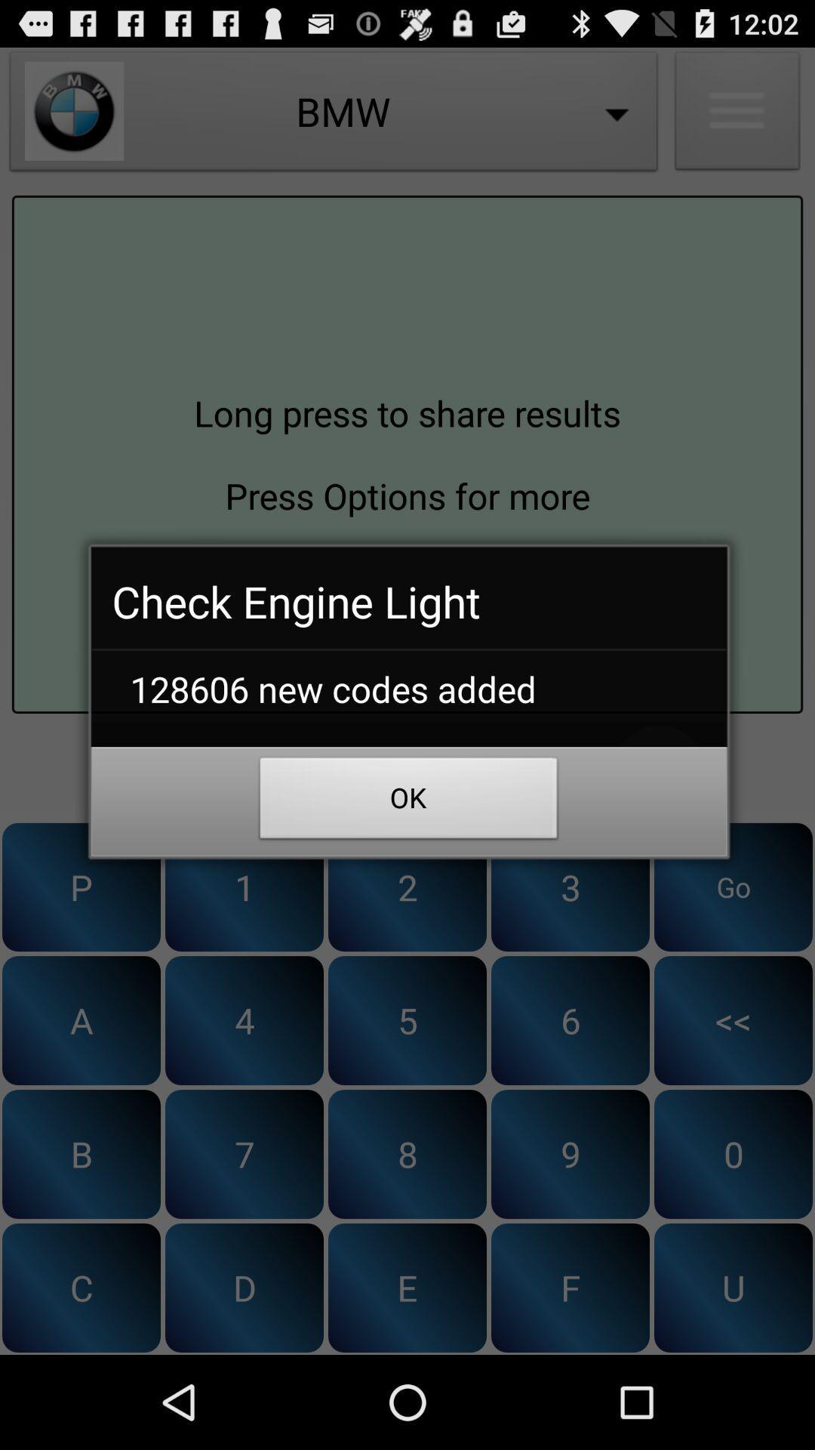 This screenshot has width=815, height=1450. What do you see at coordinates (737, 114) in the screenshot?
I see `open menu` at bounding box center [737, 114].